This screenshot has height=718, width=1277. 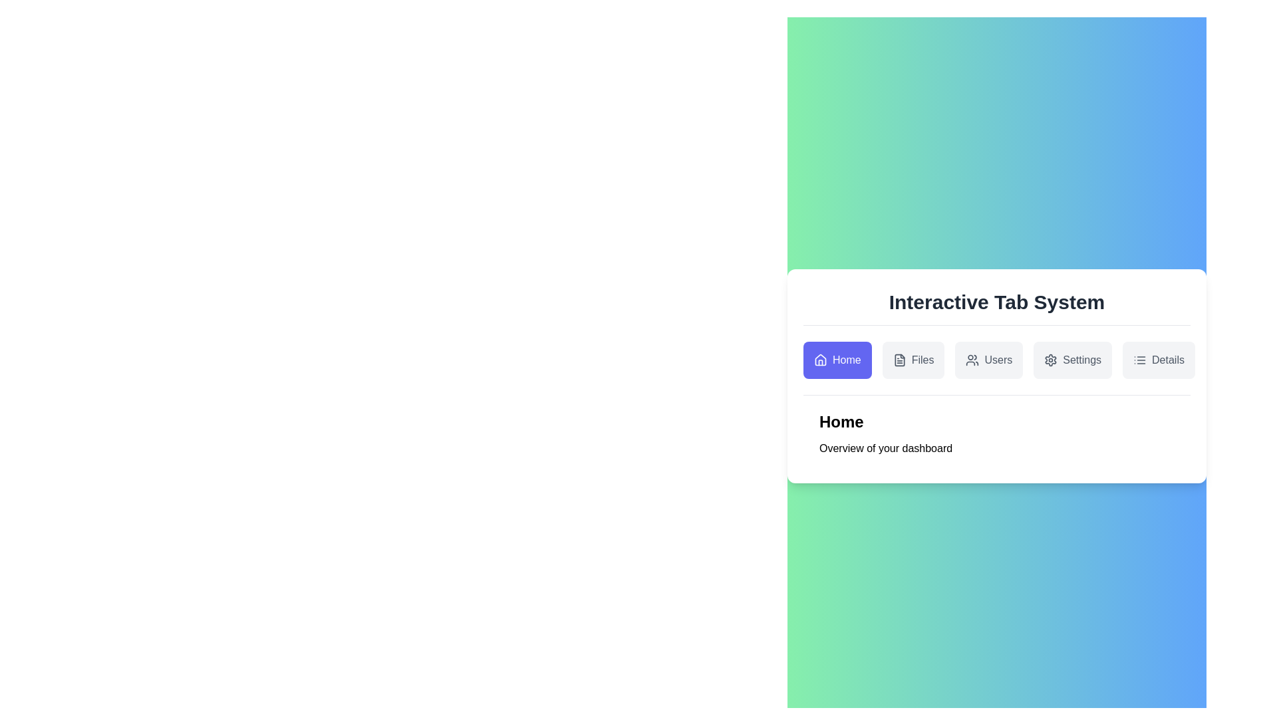 What do you see at coordinates (1139, 360) in the screenshot?
I see `the icon that visually represents the 'Details' button, located to the left of the text label 'Details' in the horizontal navigation bar under 'Interactive Tab System'` at bounding box center [1139, 360].